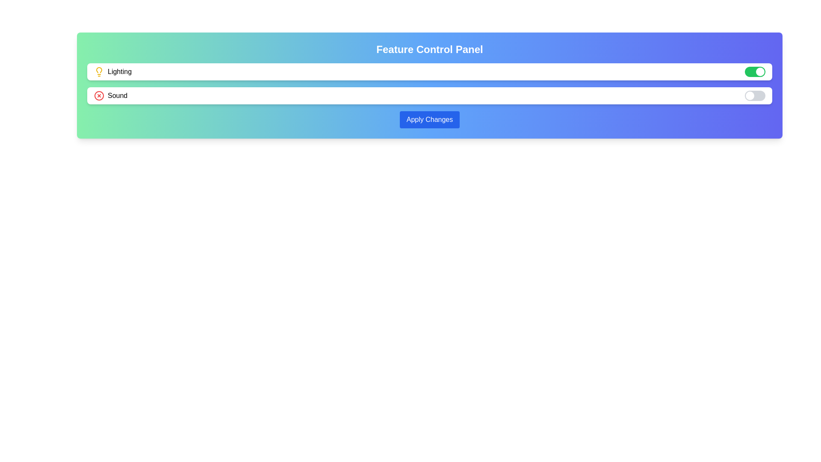 The width and height of the screenshot is (821, 462). Describe the element at coordinates (119, 71) in the screenshot. I see `the 'Lighting' label which is displayed in a font-medium style and is positioned next to a lightbulb icon in the feature toggle panel` at that location.